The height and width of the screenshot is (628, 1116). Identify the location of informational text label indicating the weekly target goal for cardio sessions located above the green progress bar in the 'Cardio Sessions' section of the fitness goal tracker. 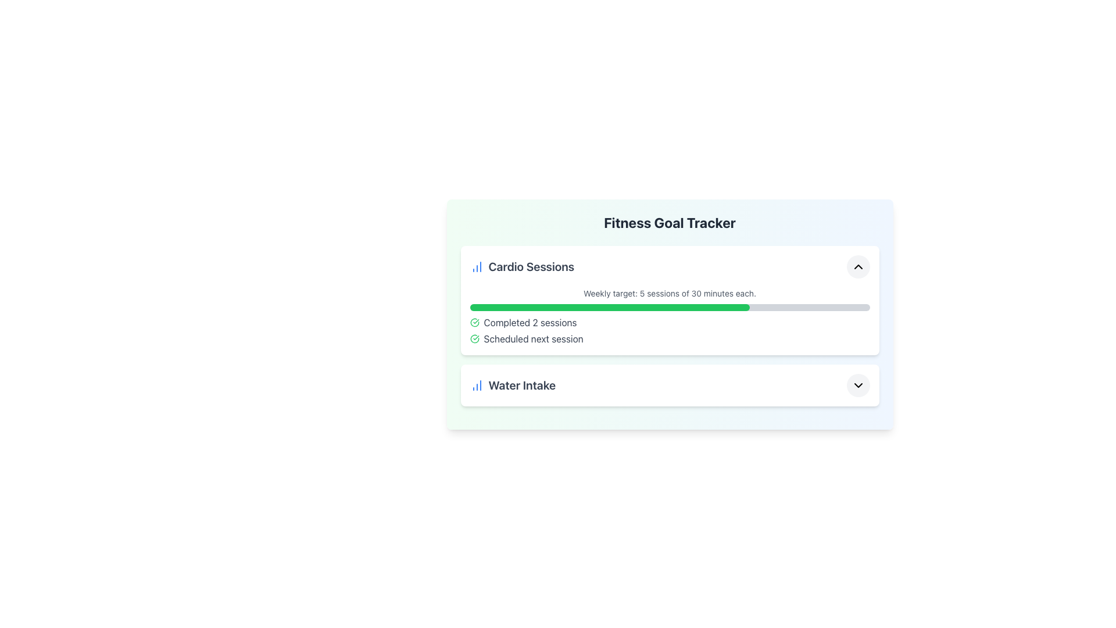
(670, 293).